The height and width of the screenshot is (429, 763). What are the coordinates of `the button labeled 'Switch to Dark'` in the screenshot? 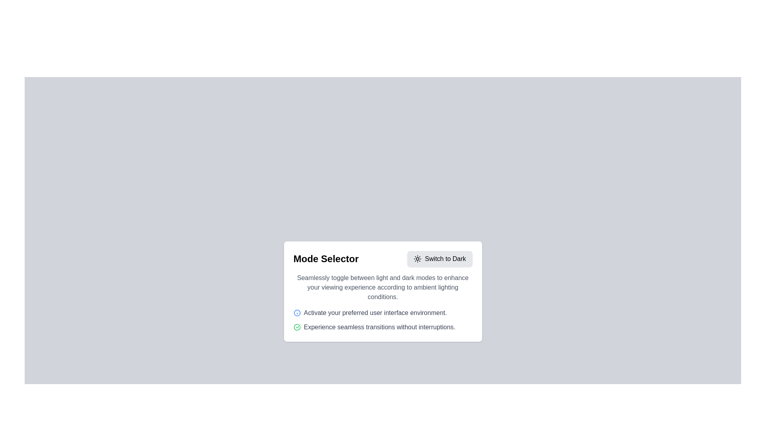 It's located at (417, 259).